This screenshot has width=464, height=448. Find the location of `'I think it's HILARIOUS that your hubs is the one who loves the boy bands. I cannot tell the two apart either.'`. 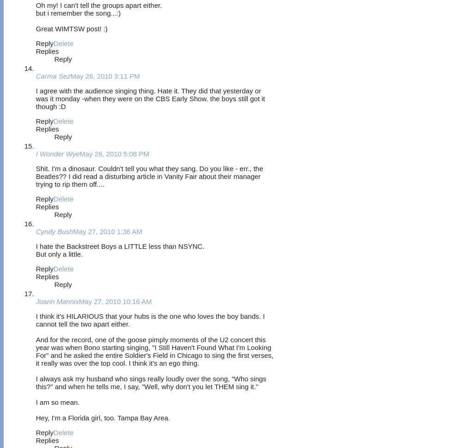

'I think it's HILARIOUS that your hubs is the one who loves the boy bands. I cannot tell the two apart either.' is located at coordinates (150, 320).